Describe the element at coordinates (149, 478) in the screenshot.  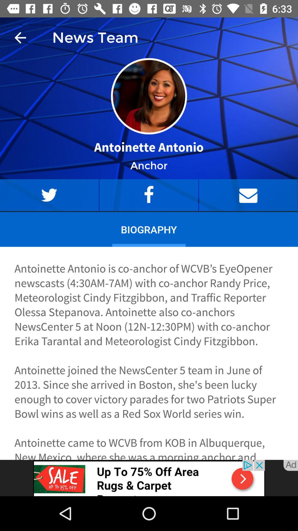
I see `advertisement adding button` at that location.